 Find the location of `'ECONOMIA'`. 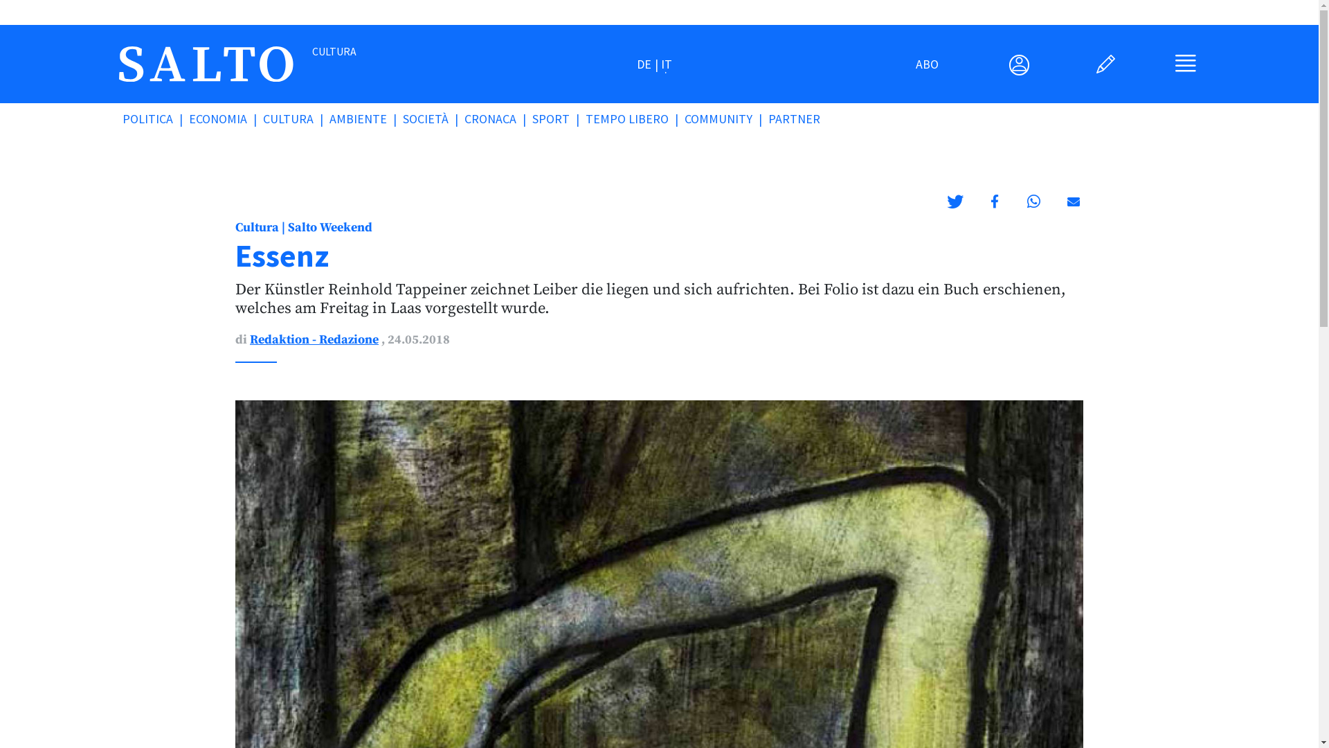

'ECONOMIA' is located at coordinates (188, 118).